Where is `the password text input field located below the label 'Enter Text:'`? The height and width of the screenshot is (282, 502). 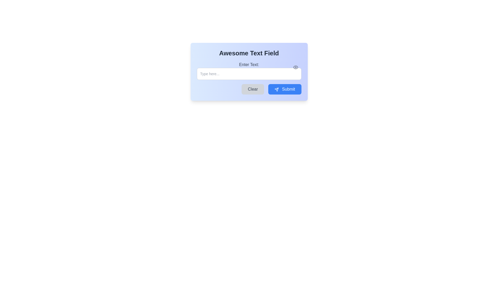 the password text input field located below the label 'Enter Text:' is located at coordinates (249, 70).